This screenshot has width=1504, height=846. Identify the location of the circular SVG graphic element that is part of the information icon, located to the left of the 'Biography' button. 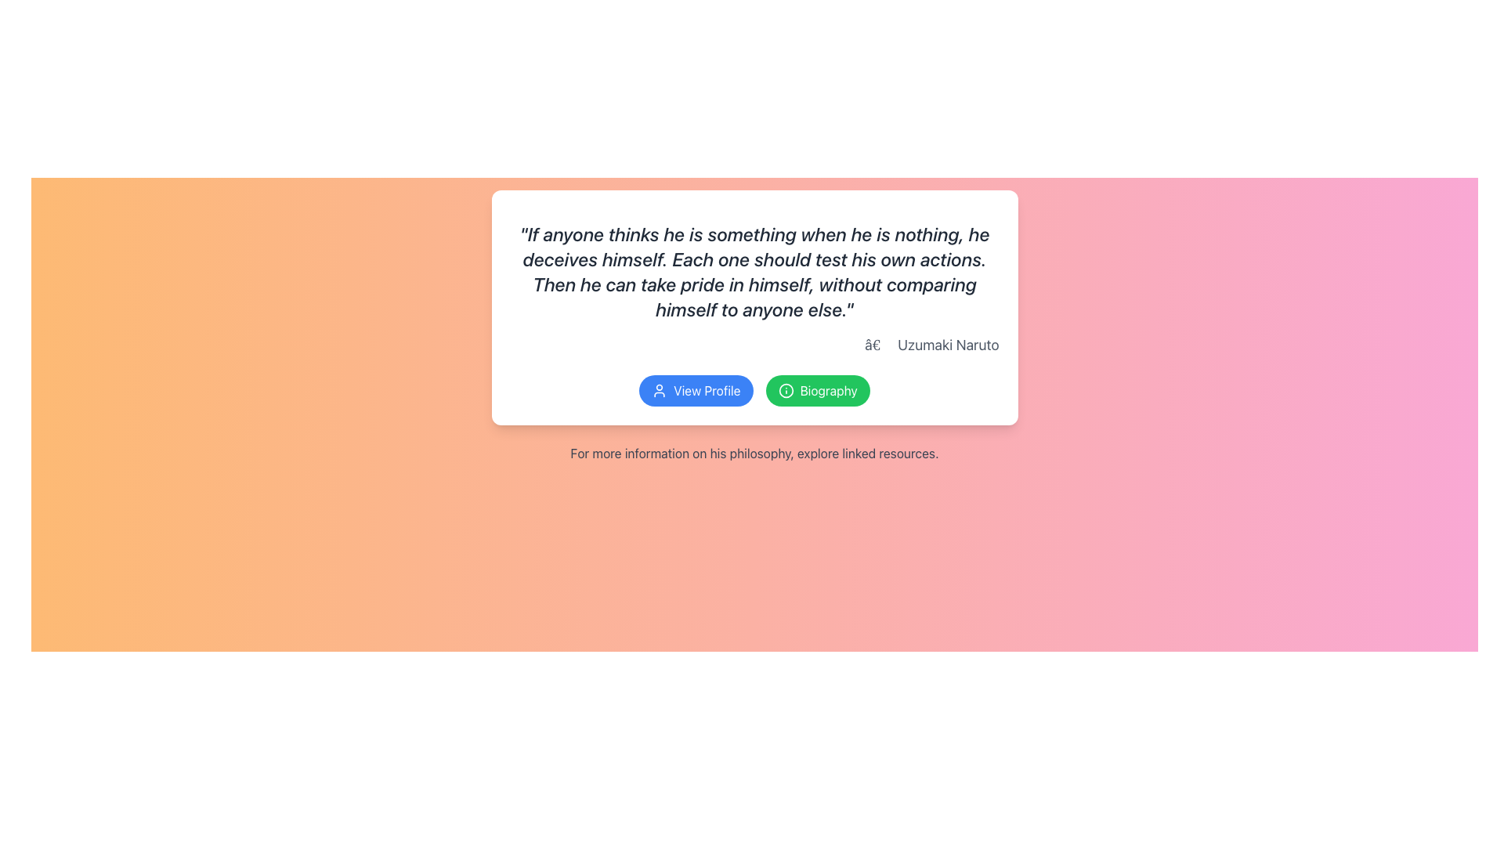
(786, 389).